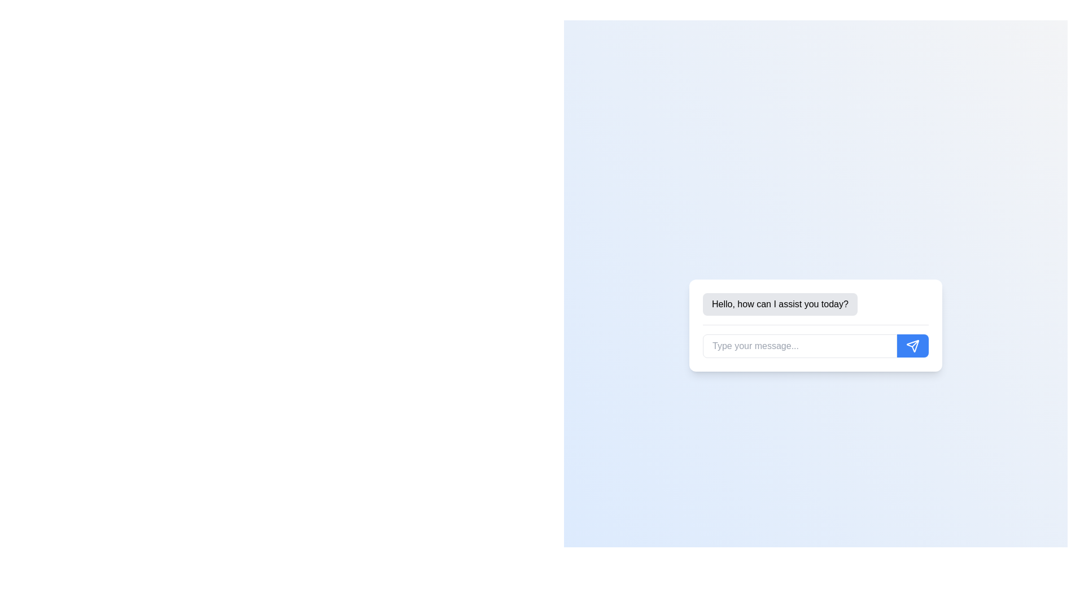 This screenshot has height=610, width=1084. Describe the element at coordinates (815, 303) in the screenshot. I see `the greeting Text Label located at the top of the chat interface, which engages the user with a conversational query` at that location.